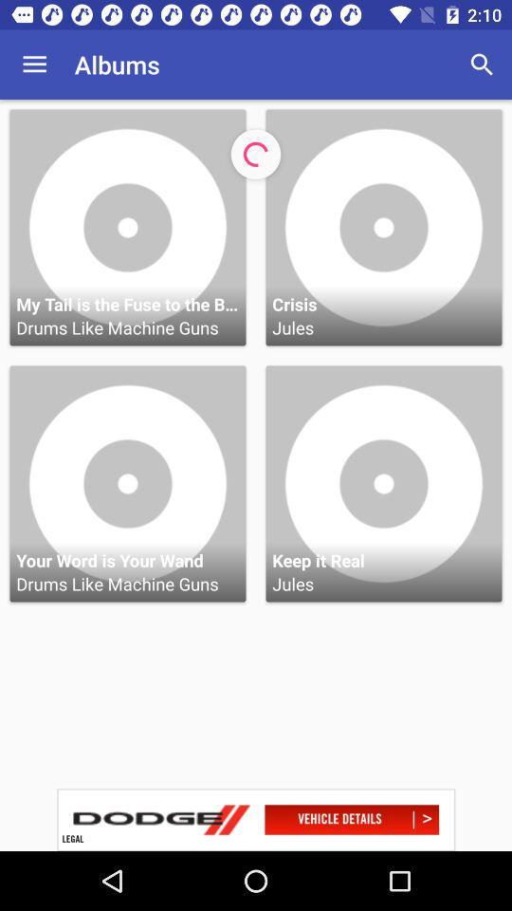 This screenshot has height=911, width=512. I want to click on a second image which is below albums on a left side of page, so click(128, 483).